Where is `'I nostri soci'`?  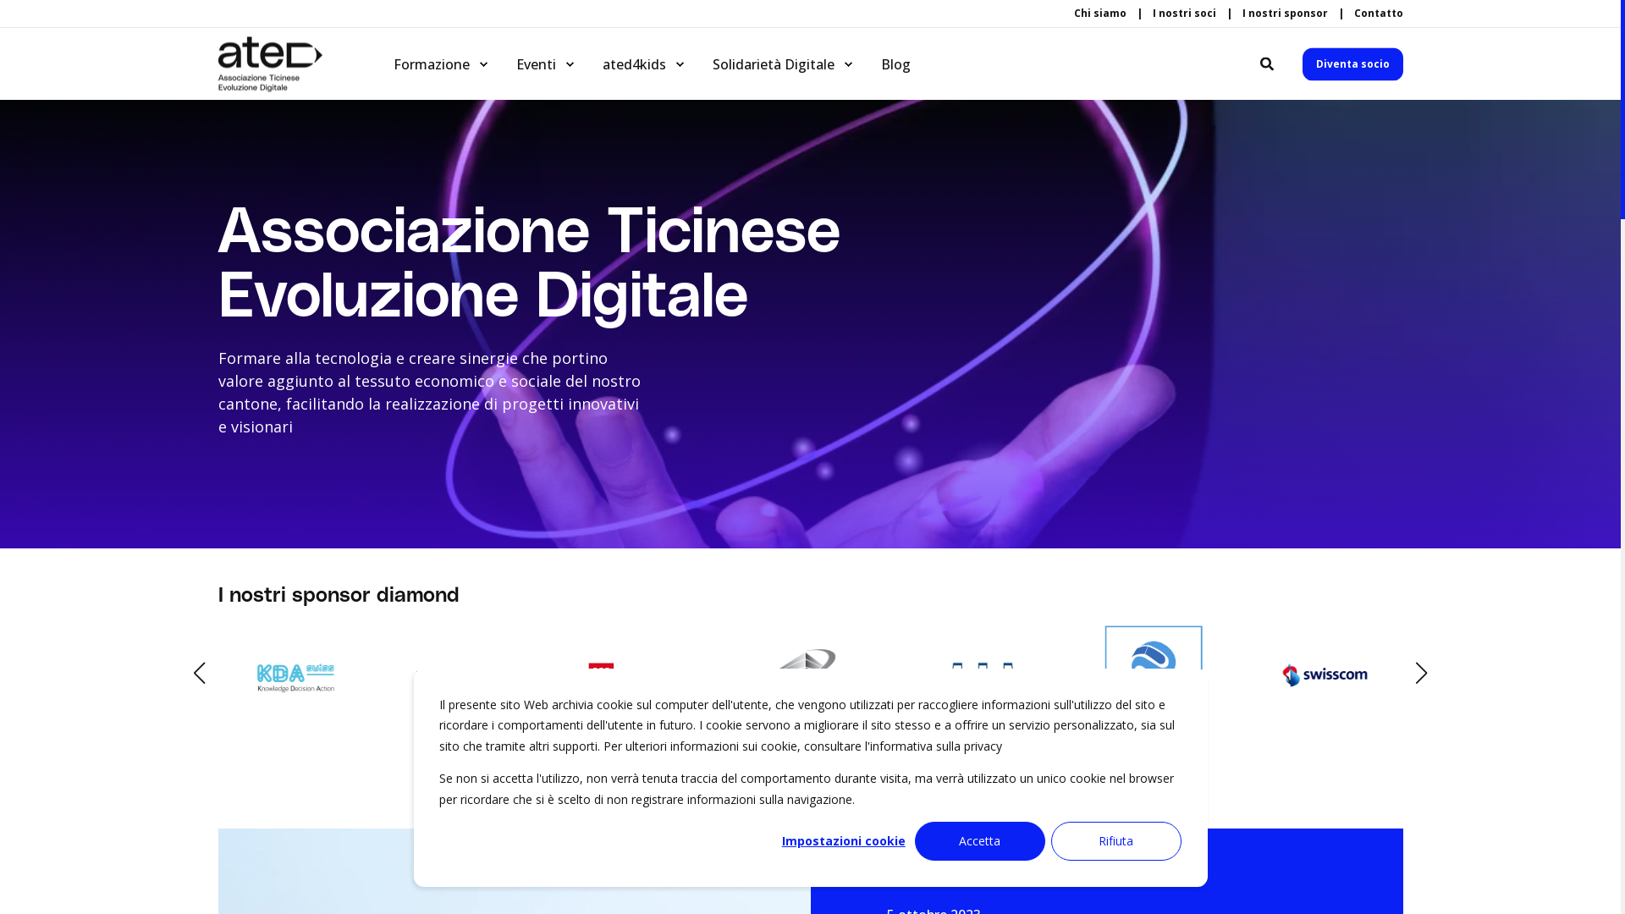 'I nostri soci' is located at coordinates (1183, 13).